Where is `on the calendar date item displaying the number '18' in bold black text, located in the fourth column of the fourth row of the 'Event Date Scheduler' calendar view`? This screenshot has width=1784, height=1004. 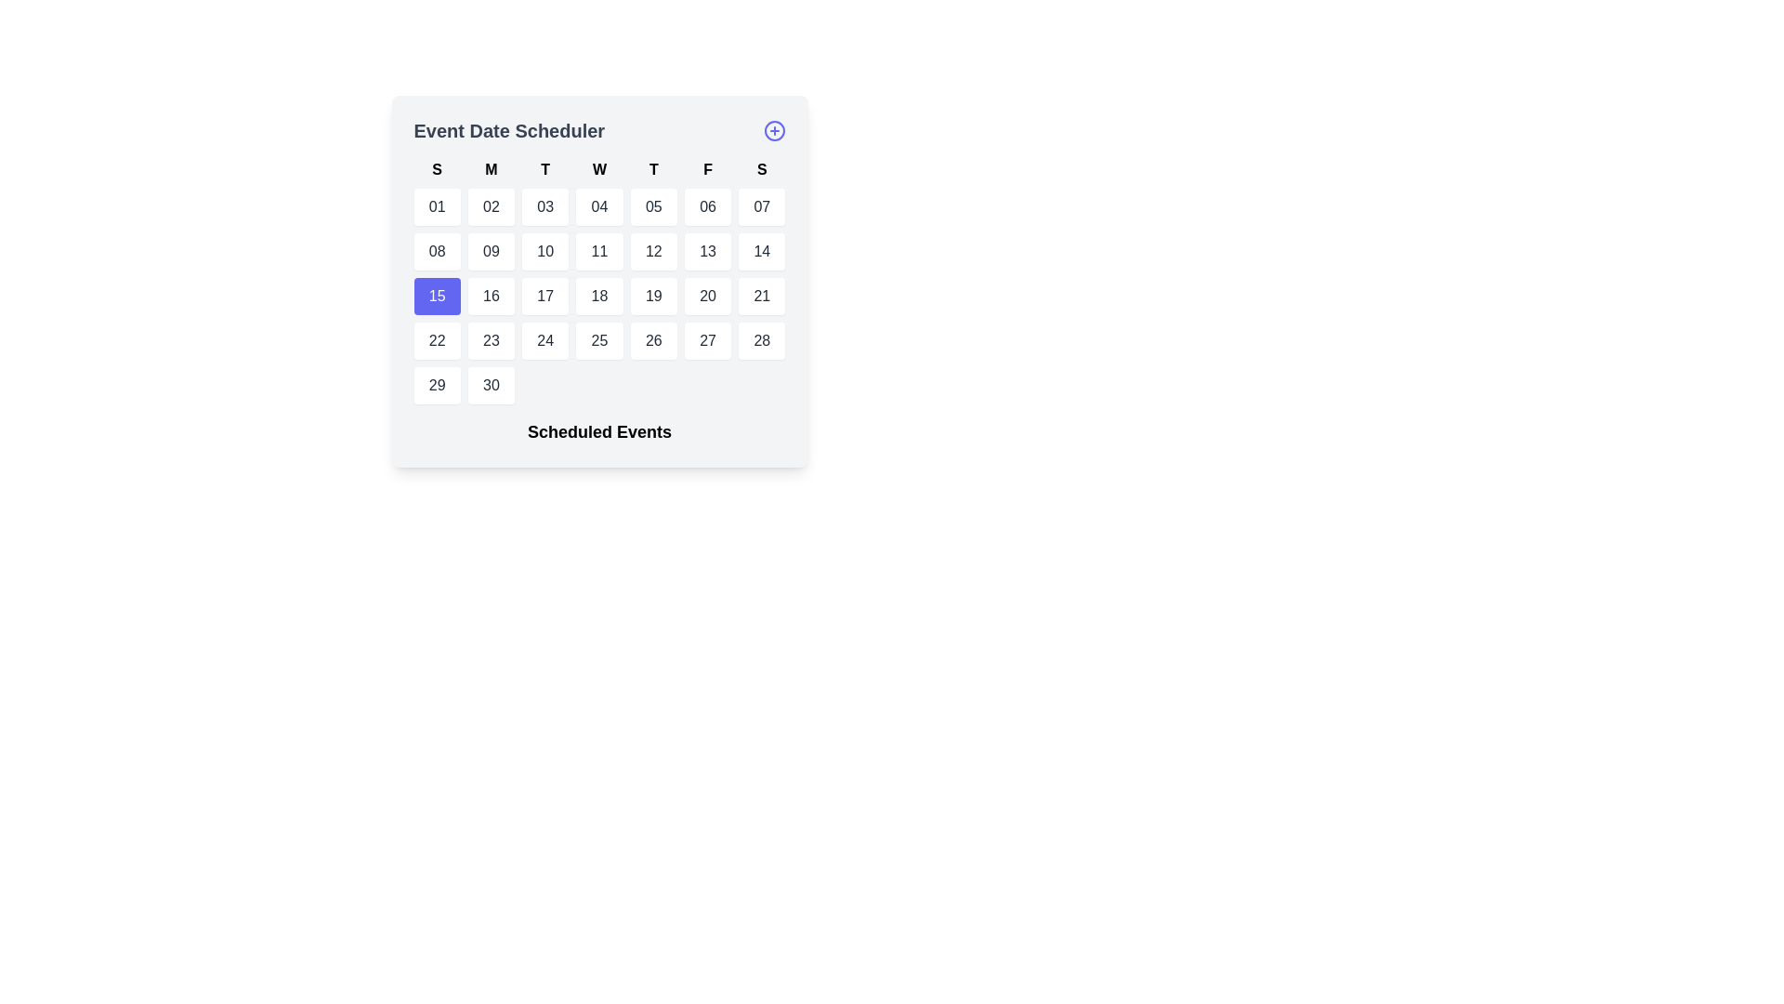 on the calendar date item displaying the number '18' in bold black text, located in the fourth column of the fourth row of the 'Event Date Scheduler' calendar view is located at coordinates (599, 296).